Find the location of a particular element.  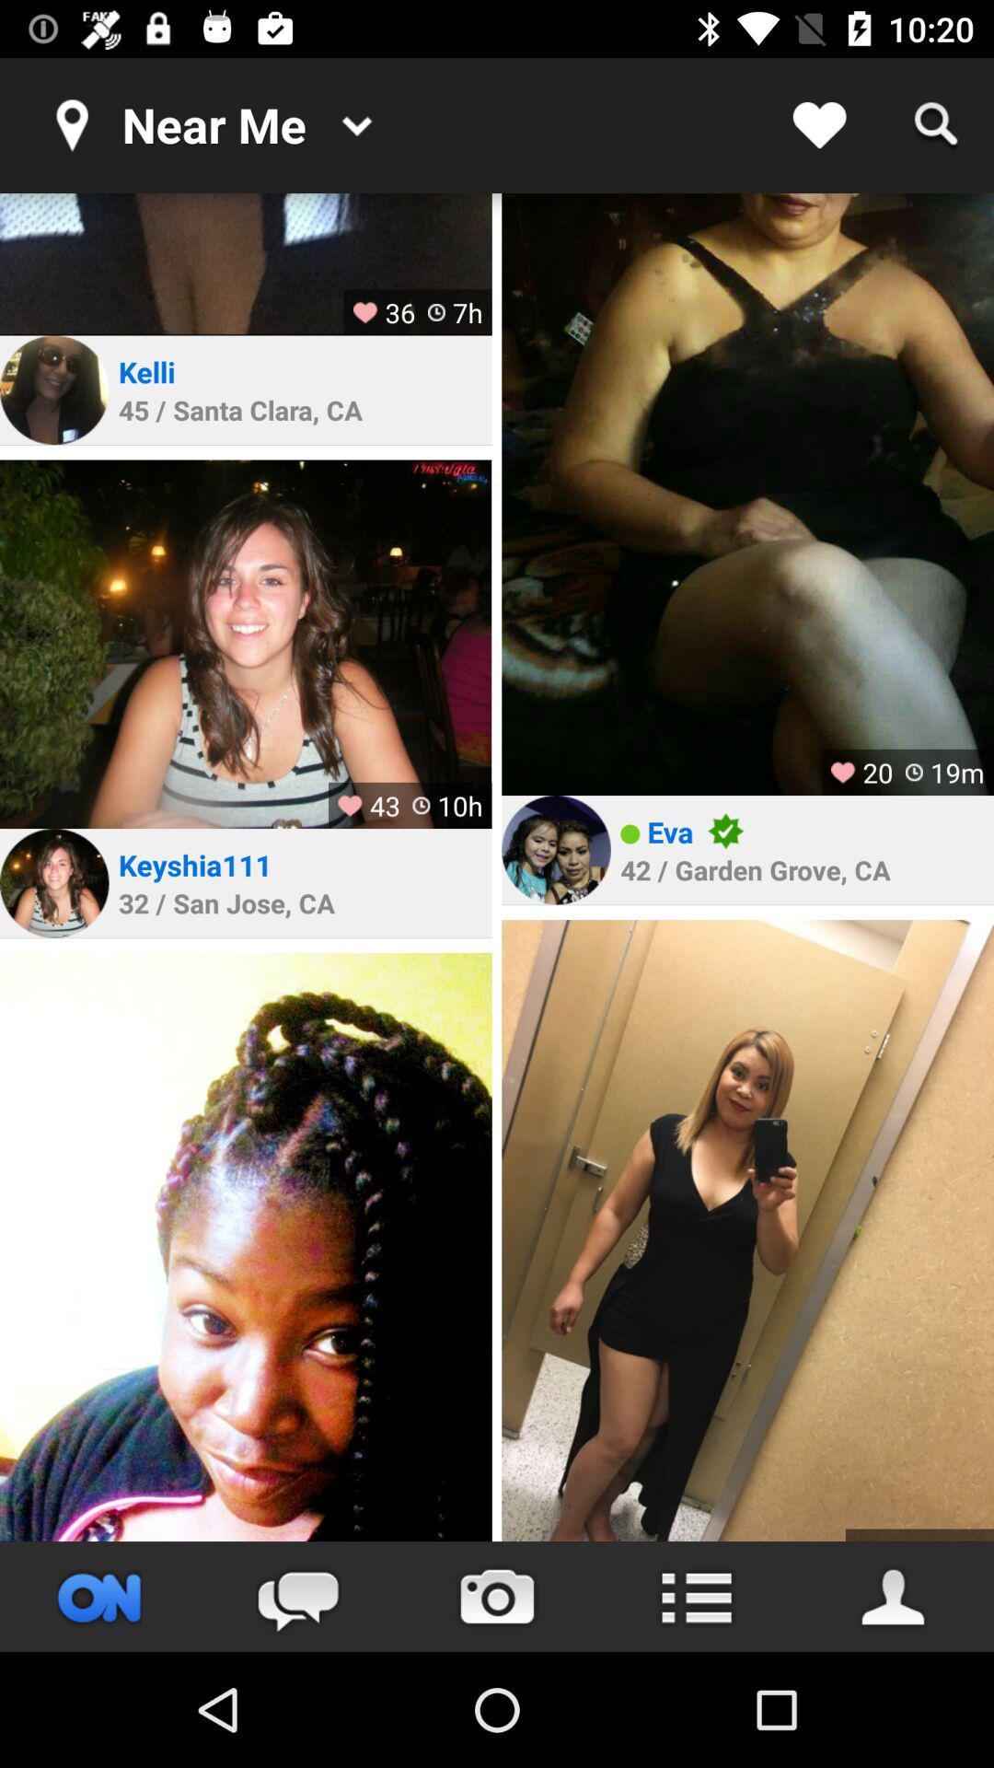

the eva item is located at coordinates (670, 831).